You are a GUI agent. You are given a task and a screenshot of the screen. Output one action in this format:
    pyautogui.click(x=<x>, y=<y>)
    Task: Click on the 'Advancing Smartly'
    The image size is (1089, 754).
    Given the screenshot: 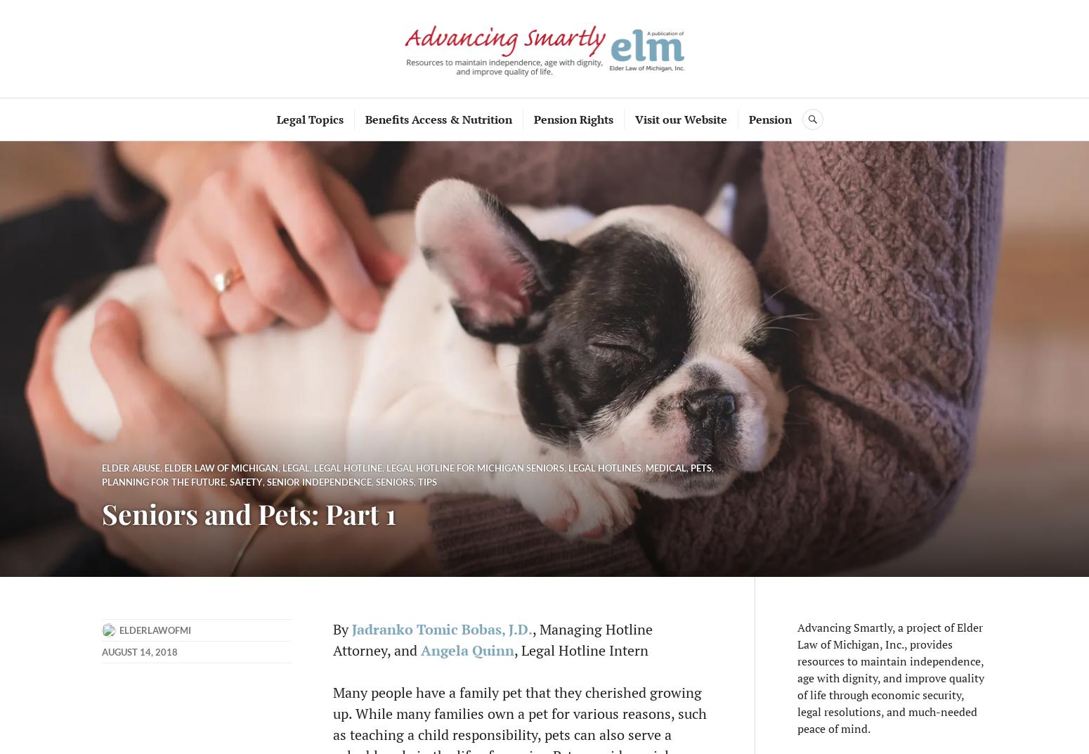 What is the action you would take?
    pyautogui.click(x=544, y=48)
    